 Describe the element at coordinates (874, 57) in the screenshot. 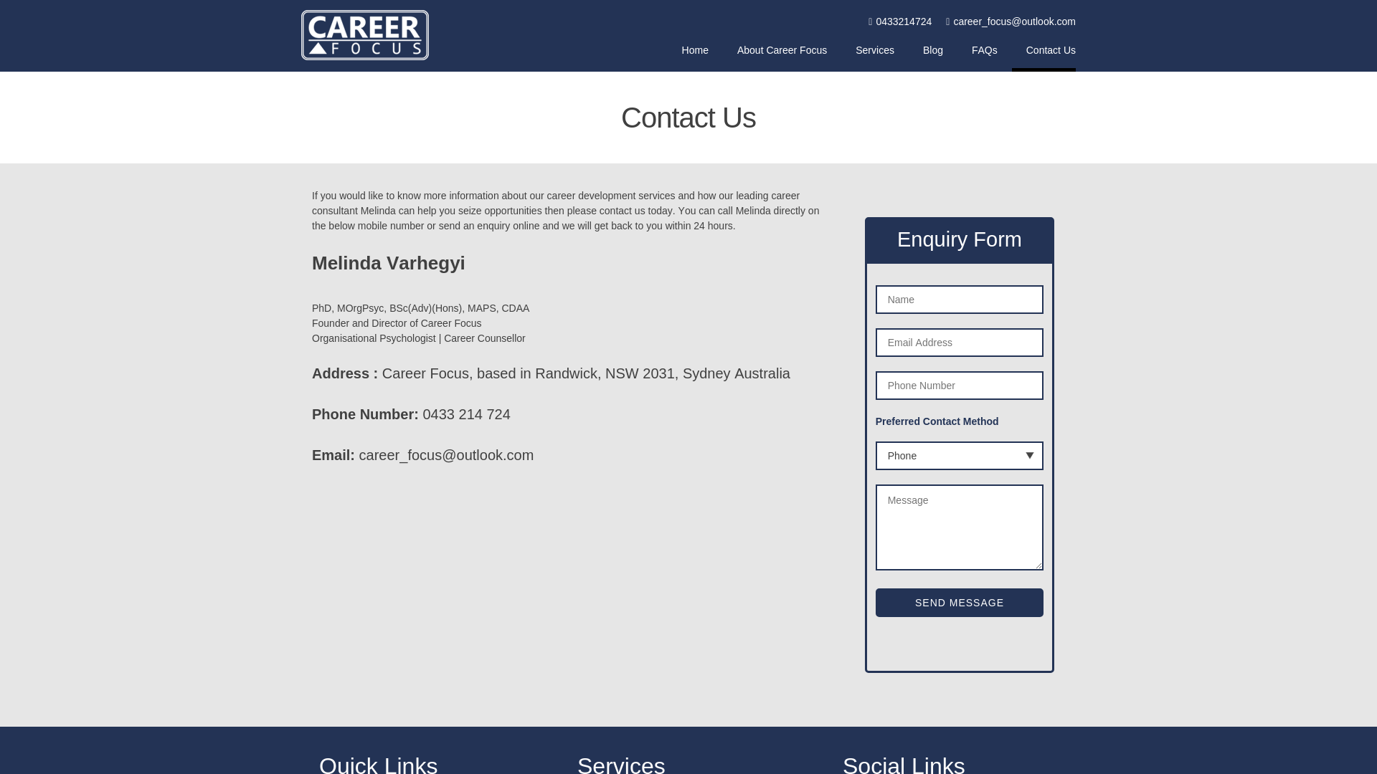

I see `'Services'` at that location.